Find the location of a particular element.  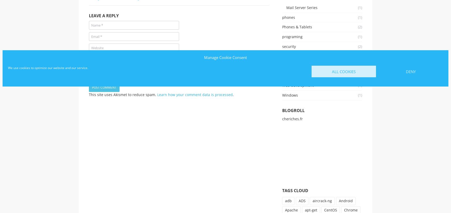

'Blogroll' is located at coordinates (293, 110).